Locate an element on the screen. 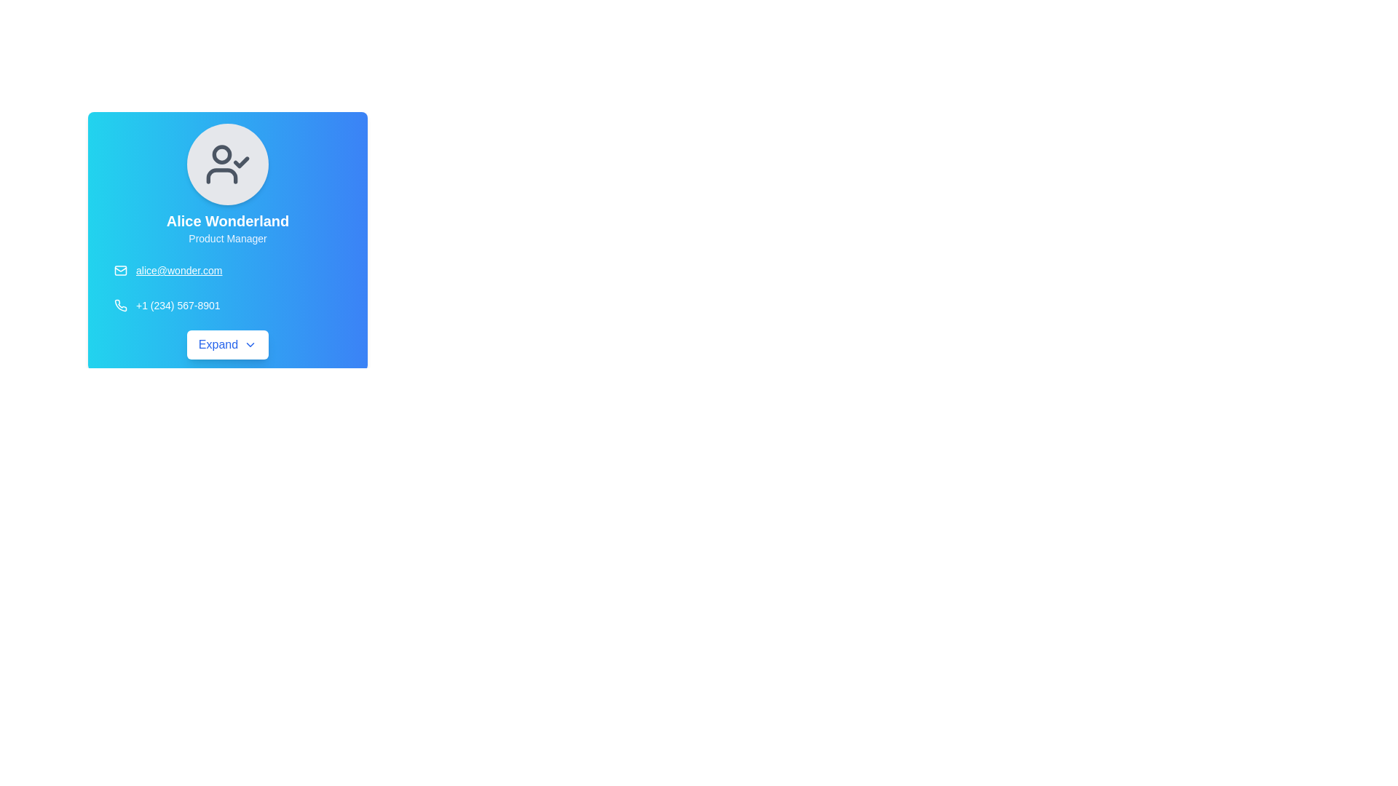  the email icon that visually indicates the associated text 'alice@wonder.com' is located at coordinates (121, 270).